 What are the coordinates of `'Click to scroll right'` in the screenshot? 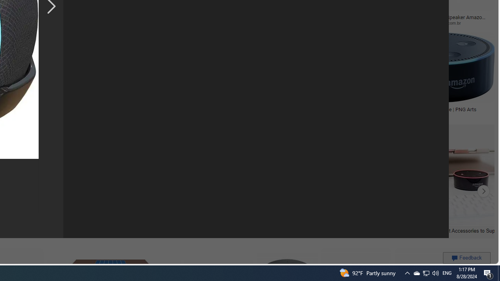 It's located at (483, 191).